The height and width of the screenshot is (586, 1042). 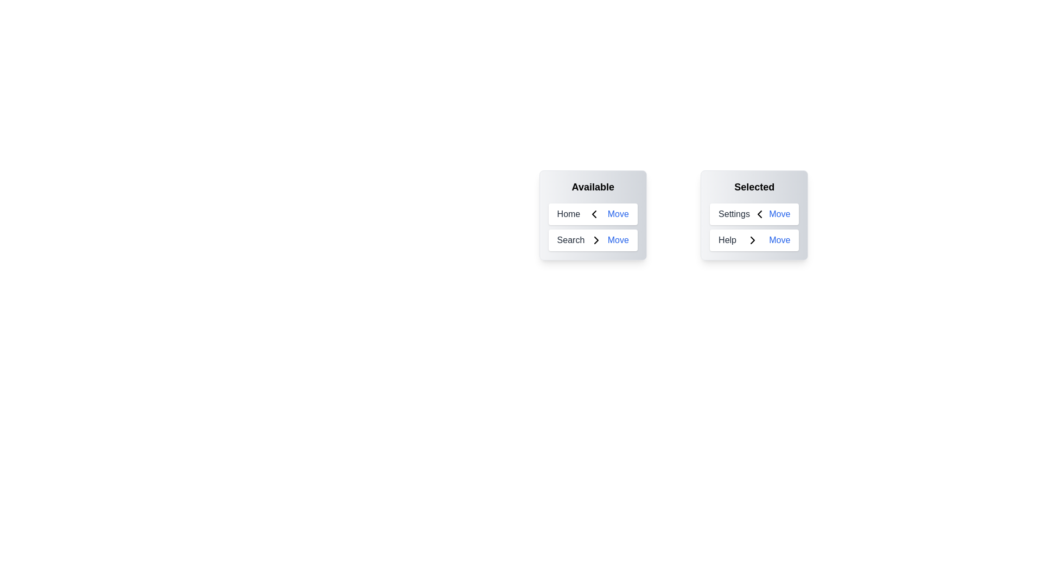 I want to click on 'Move' button next to the item 'Help' in the 'Selected' list to transfer it, so click(x=779, y=240).